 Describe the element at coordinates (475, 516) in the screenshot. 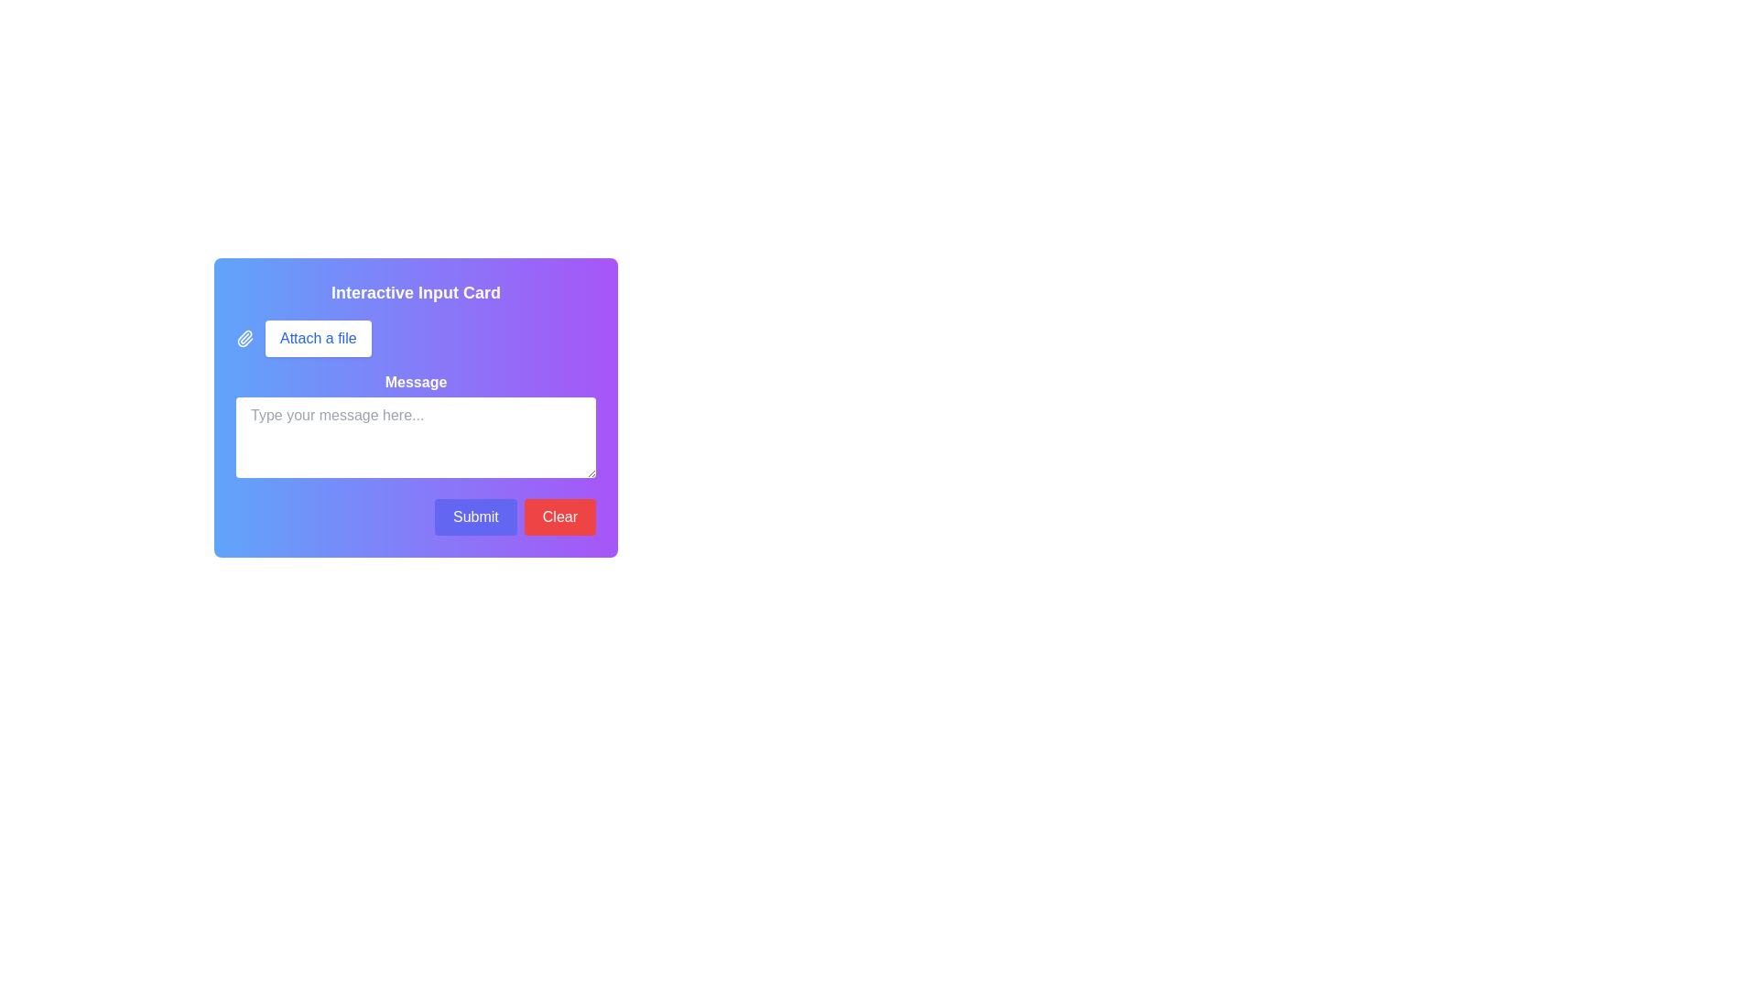

I see `the 'Submit' button` at that location.